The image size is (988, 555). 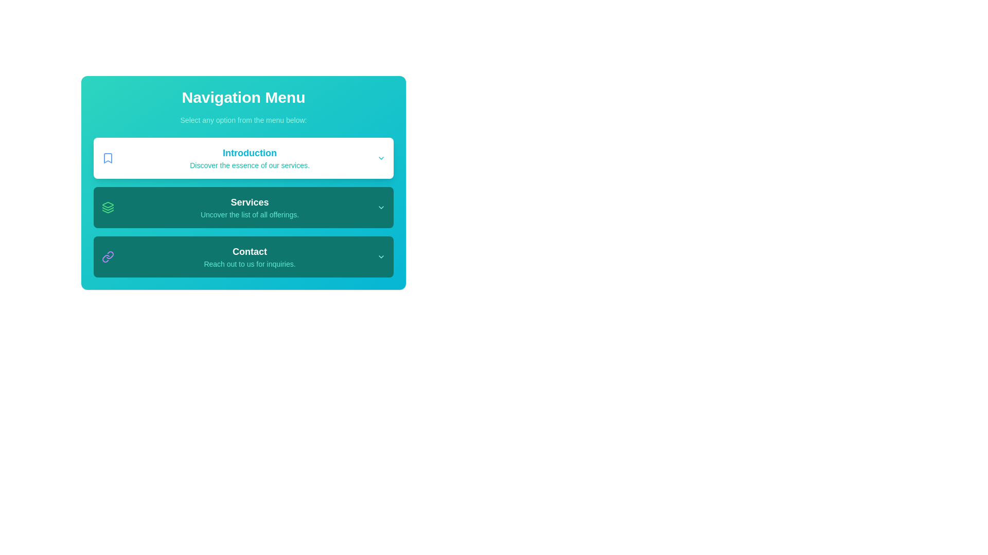 I want to click on the bookmark-shaped icon with a blue stroke located in the upper left corner of the 'Introduction' button in the interactive navigation menu, so click(x=108, y=158).